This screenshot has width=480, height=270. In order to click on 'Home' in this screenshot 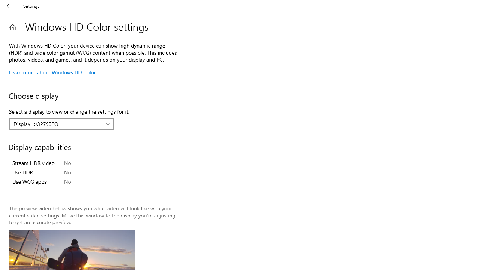, I will do `click(12, 27)`.